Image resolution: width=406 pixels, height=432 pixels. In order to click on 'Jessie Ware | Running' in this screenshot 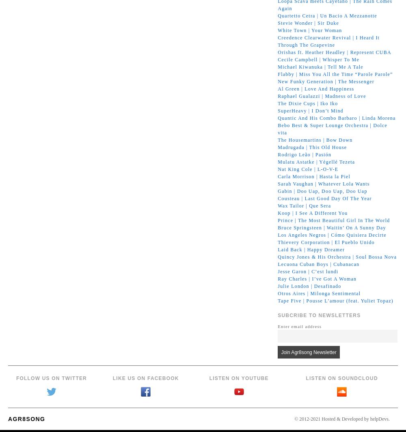, I will do `click(278, 425)`.